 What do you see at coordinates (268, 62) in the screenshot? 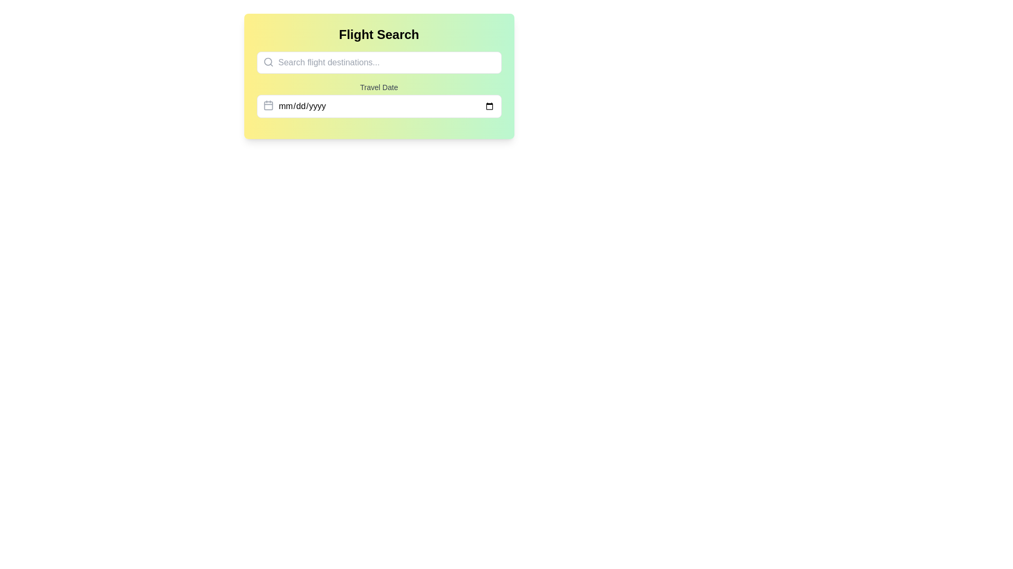
I see `the search icon represented by a magnifying glass, which is positioned to the far-left side of the search input field labeled 'Search flight destinations...'` at bounding box center [268, 62].